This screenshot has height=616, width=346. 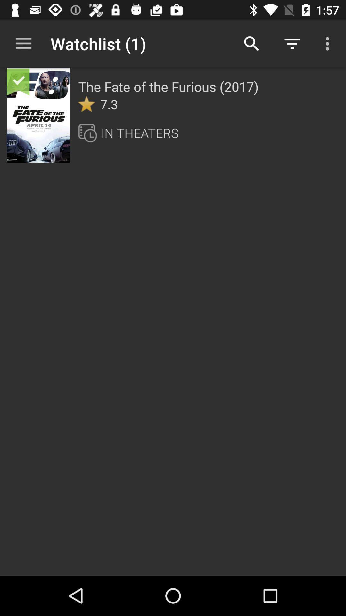 What do you see at coordinates (86, 104) in the screenshot?
I see `the item below the fate of` at bounding box center [86, 104].